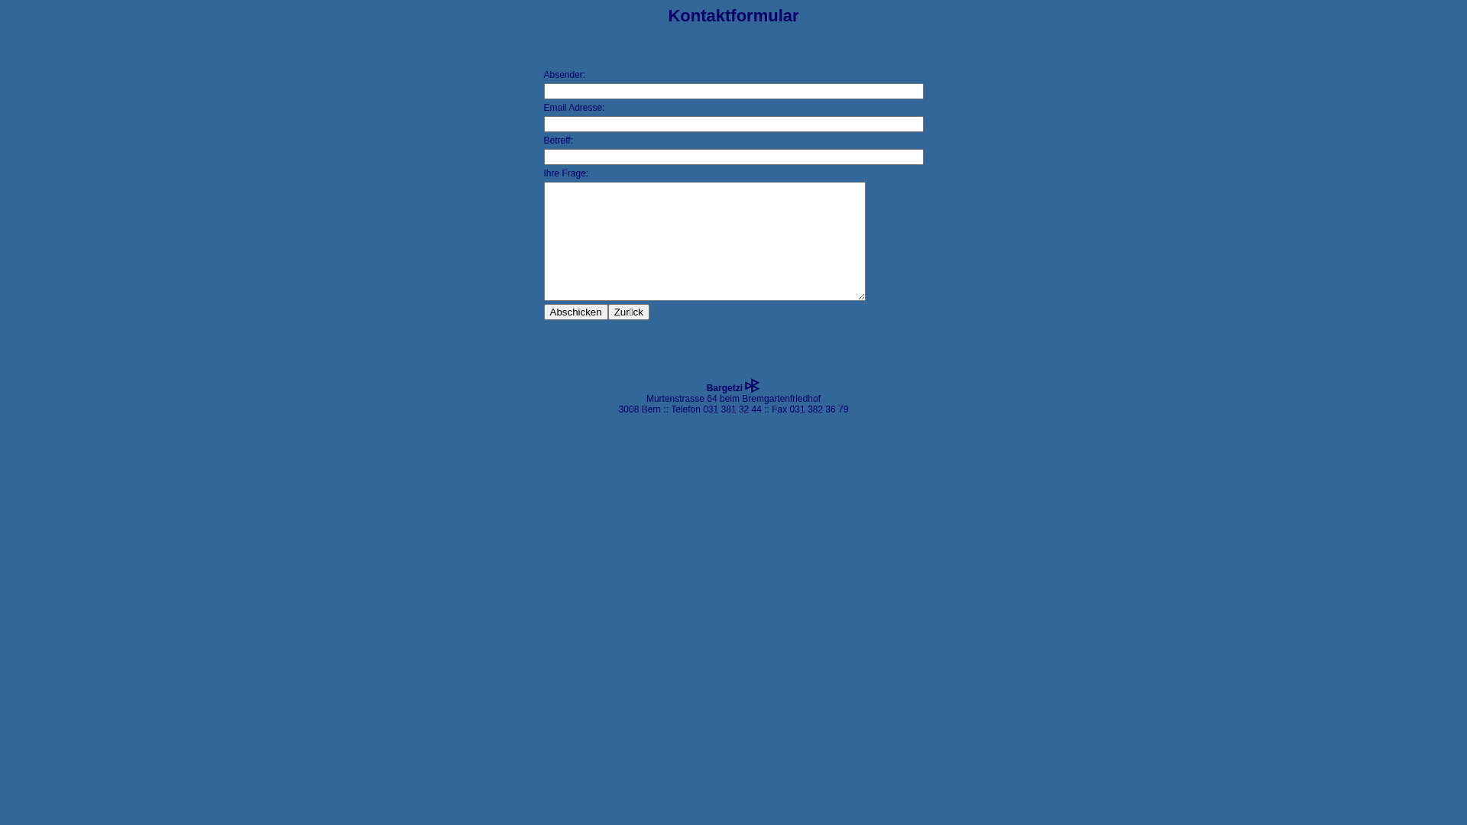 The height and width of the screenshot is (825, 1467). What do you see at coordinates (543, 311) in the screenshot?
I see `'Abschicken'` at bounding box center [543, 311].